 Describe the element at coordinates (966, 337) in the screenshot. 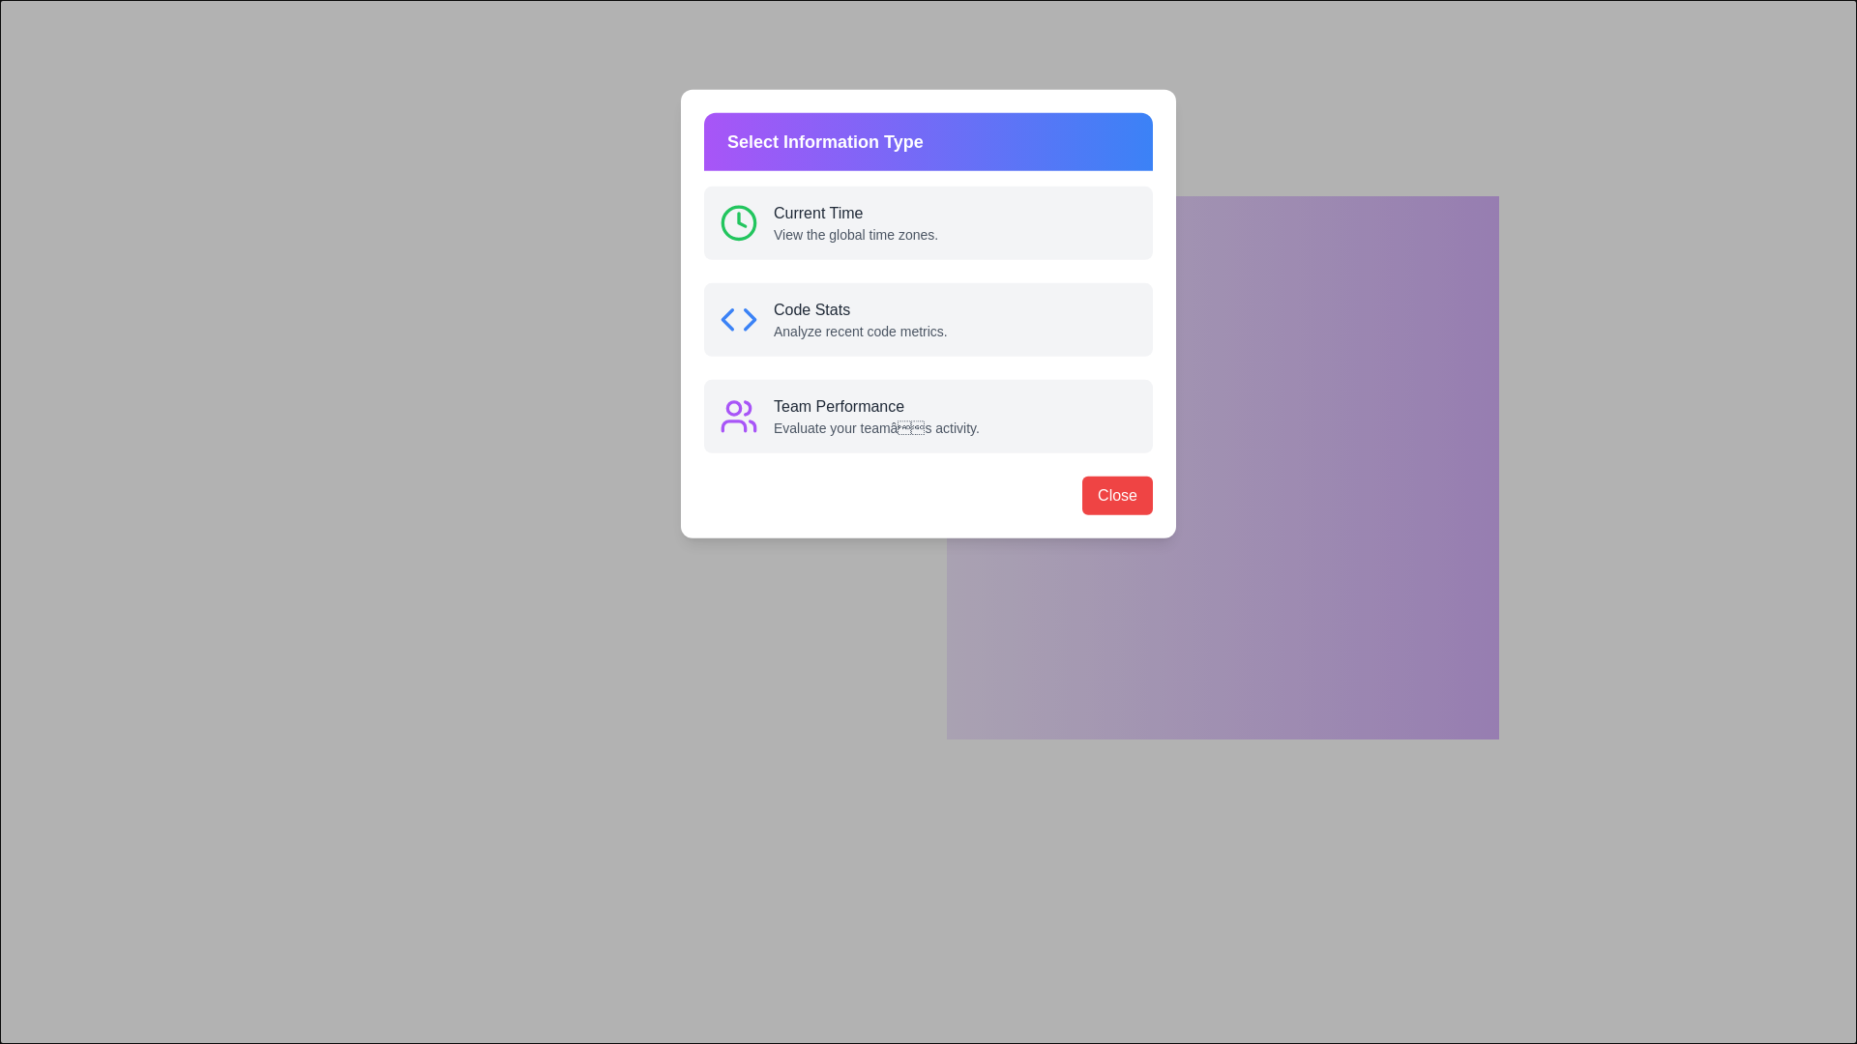

I see `the icon of Code Stats information type` at that location.